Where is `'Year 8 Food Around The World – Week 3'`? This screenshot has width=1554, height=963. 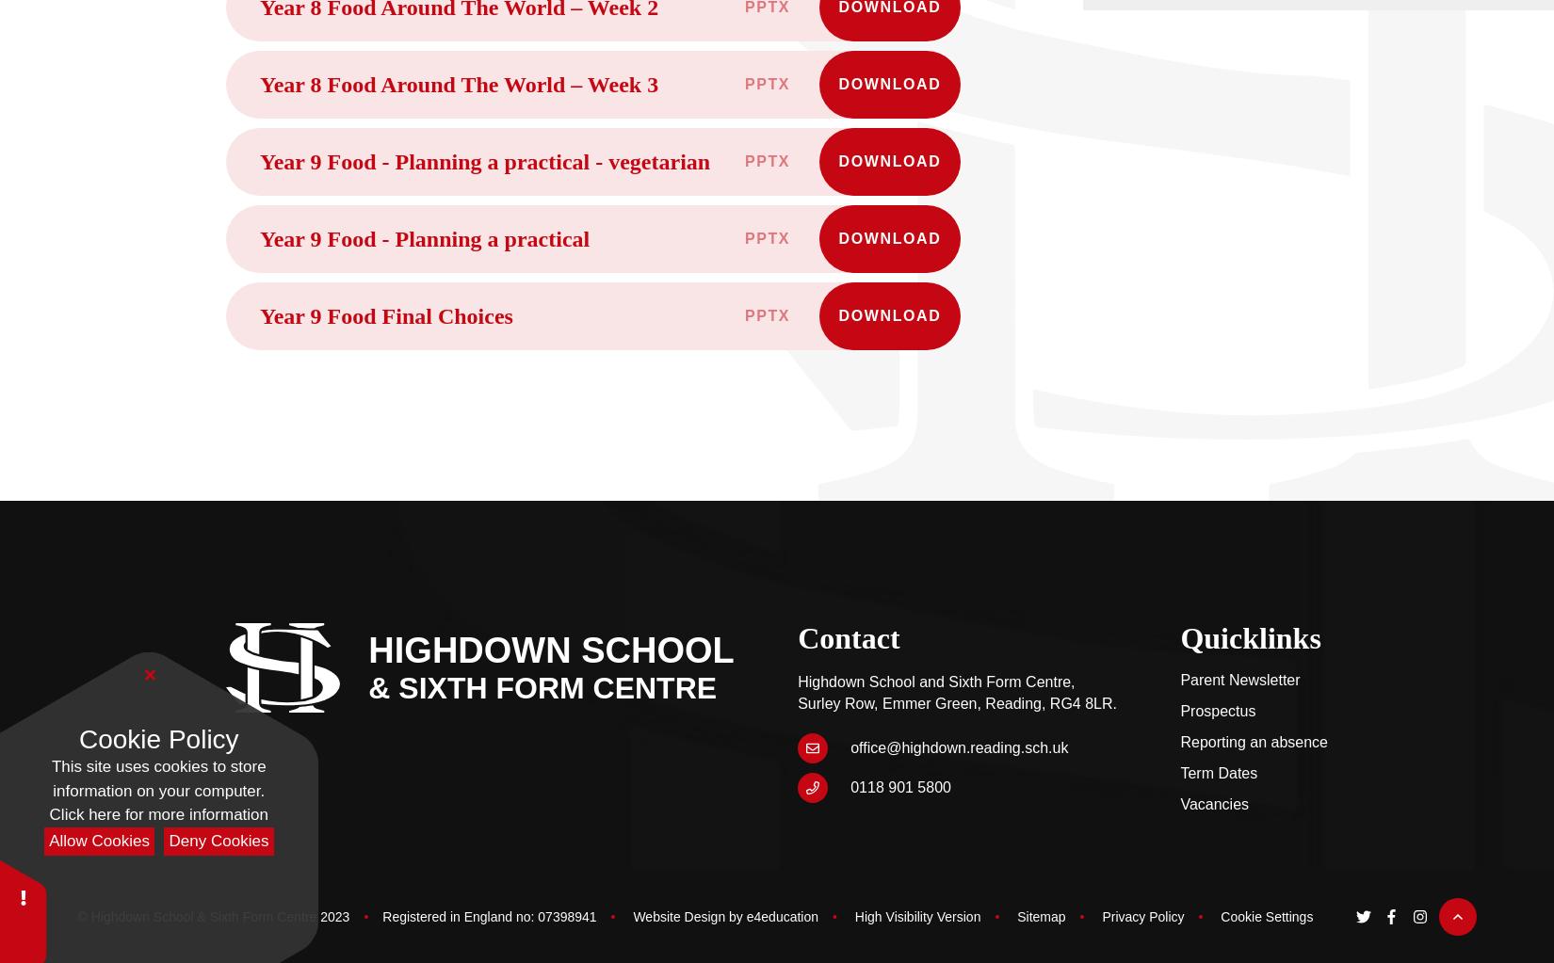
'Year 8 Food Around The World – Week 3' is located at coordinates (260, 84).